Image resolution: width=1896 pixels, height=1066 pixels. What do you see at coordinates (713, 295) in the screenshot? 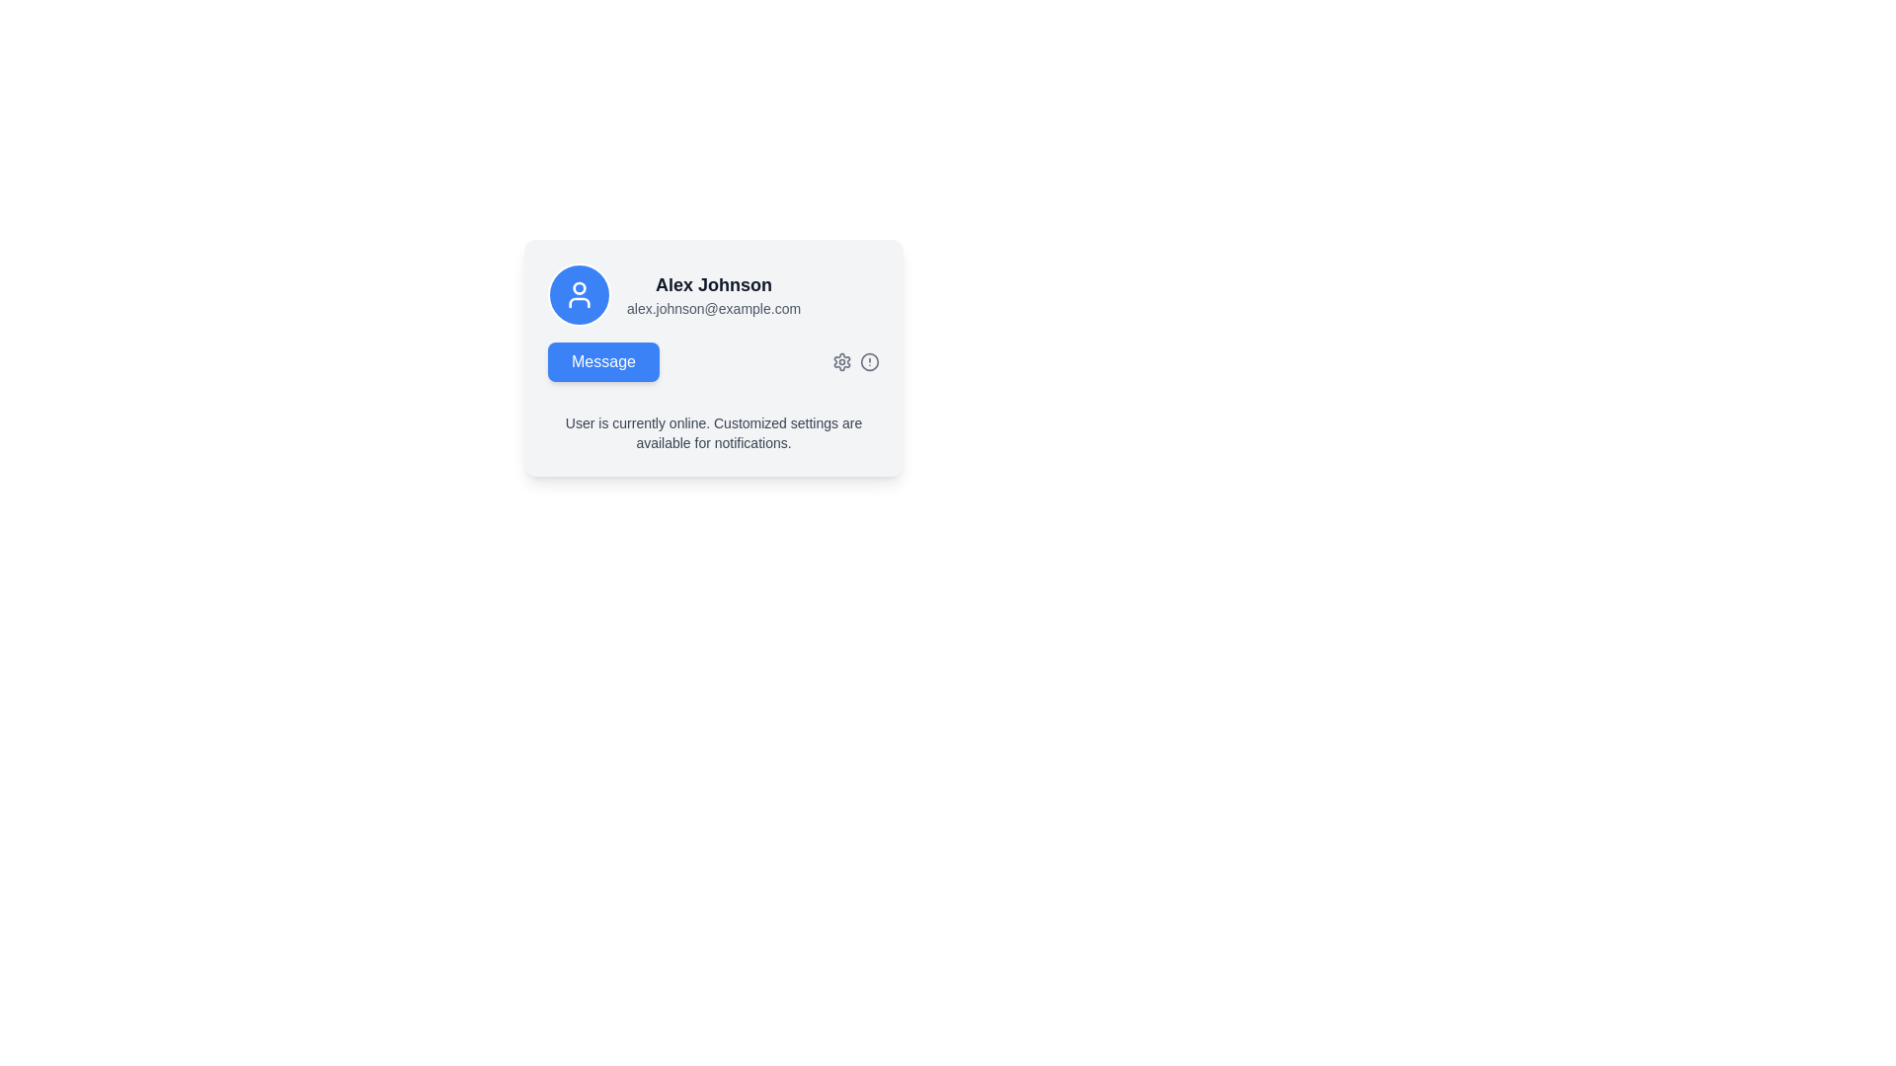
I see `the User Profile Information Display that shows the name 'Alex Johnson' and email 'alex.johnson@example.com', which features a circular avatar icon with a blue background` at bounding box center [713, 295].